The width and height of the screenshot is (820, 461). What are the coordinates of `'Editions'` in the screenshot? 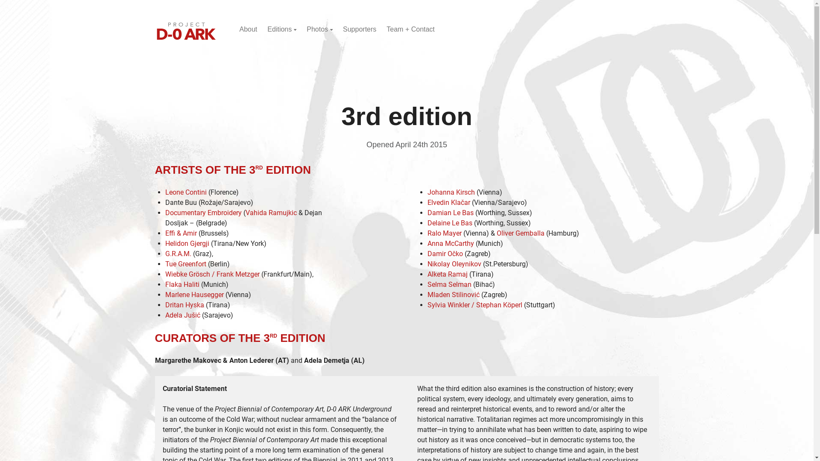 It's located at (266, 29).